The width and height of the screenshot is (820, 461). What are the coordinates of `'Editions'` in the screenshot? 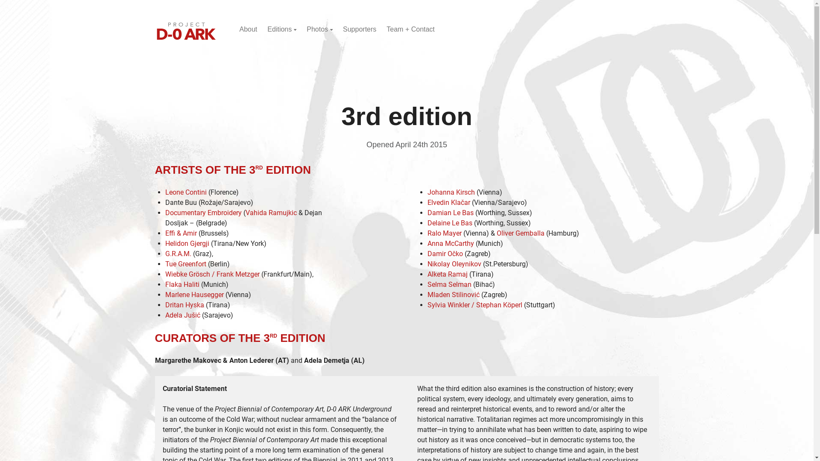 It's located at (266, 29).